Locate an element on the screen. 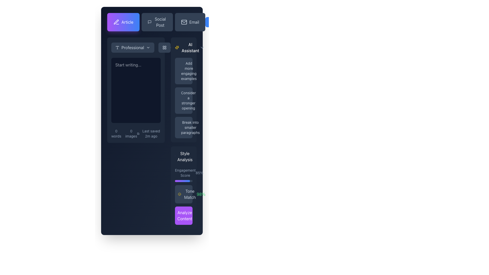 The image size is (489, 275). properties of the Decorative SVG circle located within the 'Consider a stronger opening' suggestion icon in the 'AI Assistant' section is located at coordinates (181, 94).